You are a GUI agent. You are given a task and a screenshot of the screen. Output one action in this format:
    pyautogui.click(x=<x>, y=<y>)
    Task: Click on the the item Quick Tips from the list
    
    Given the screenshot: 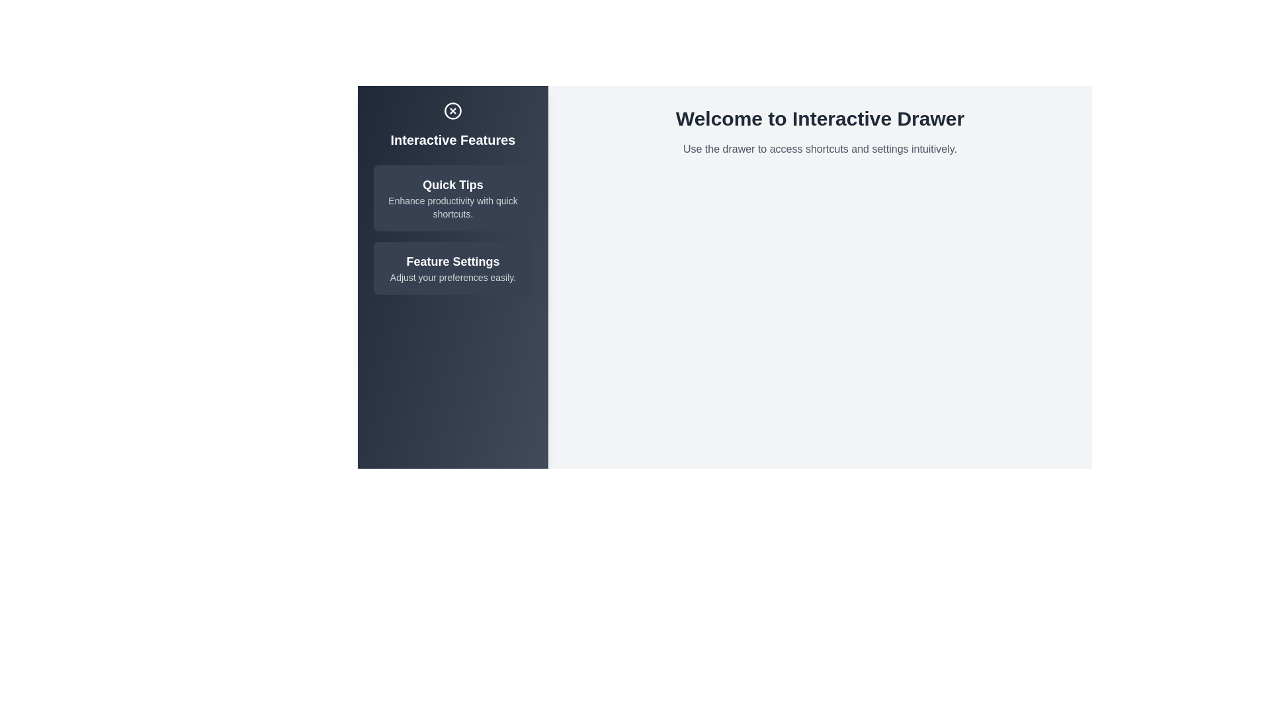 What is the action you would take?
    pyautogui.click(x=453, y=198)
    